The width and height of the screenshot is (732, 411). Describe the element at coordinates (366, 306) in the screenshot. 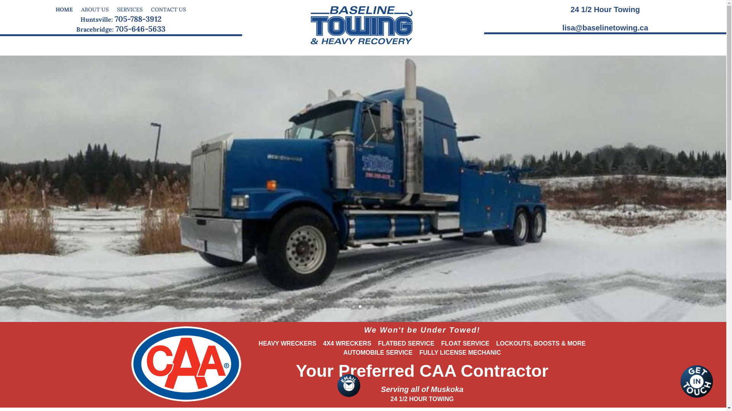

I see `'3'` at that location.